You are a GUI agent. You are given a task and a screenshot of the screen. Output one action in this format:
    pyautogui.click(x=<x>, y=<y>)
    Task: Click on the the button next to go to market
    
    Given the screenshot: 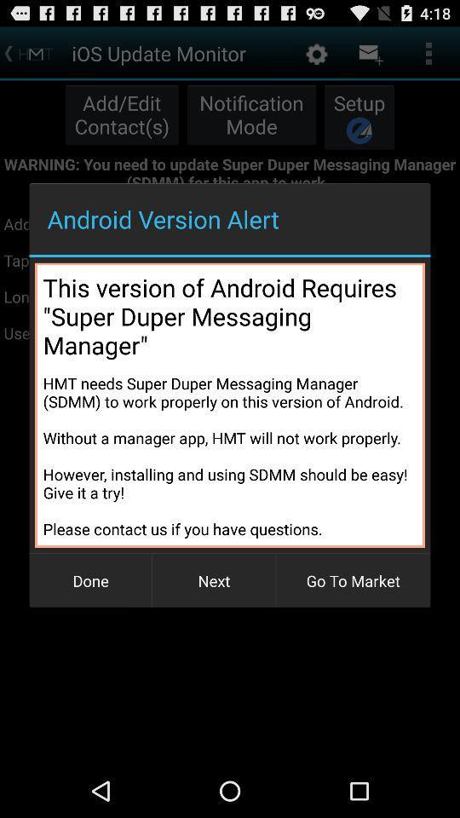 What is the action you would take?
    pyautogui.click(x=214, y=580)
    